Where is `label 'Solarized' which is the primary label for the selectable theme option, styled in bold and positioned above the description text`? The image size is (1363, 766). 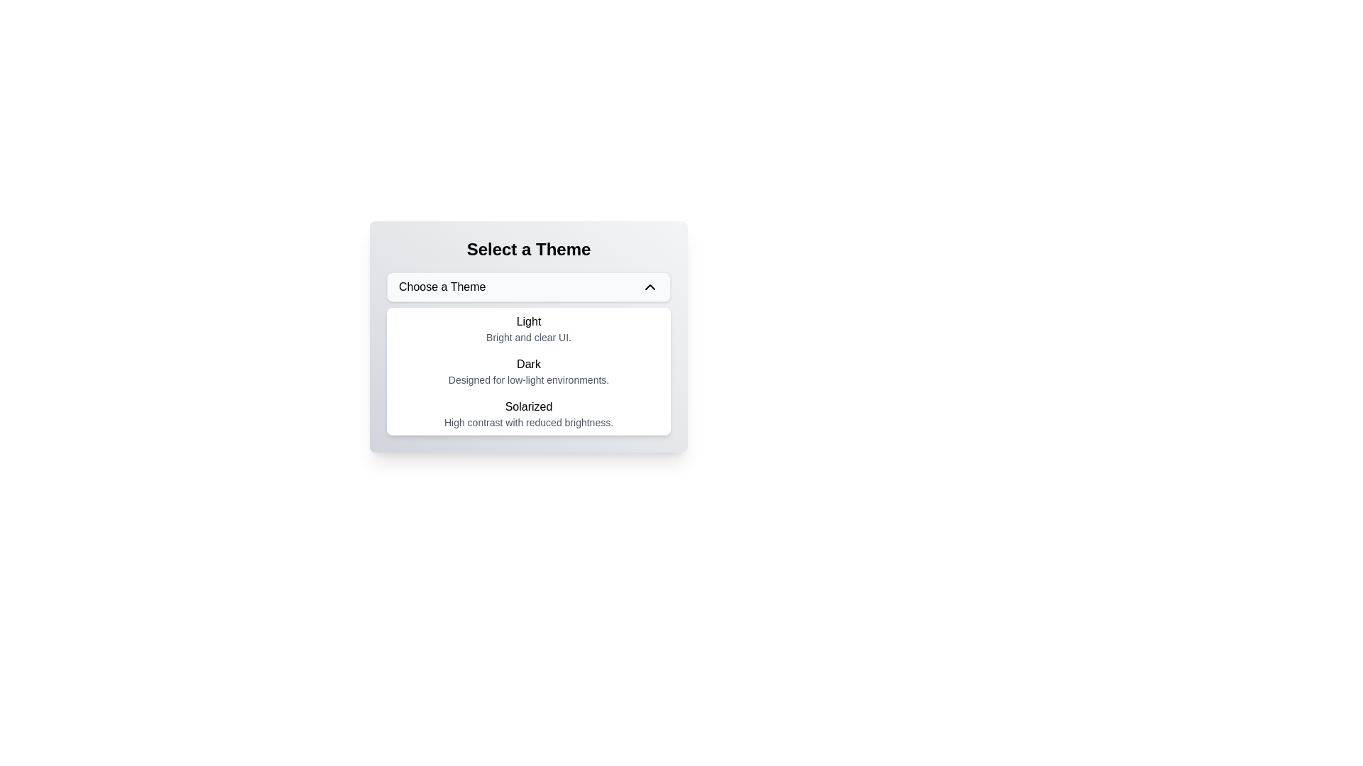 label 'Solarized' which is the primary label for the selectable theme option, styled in bold and positioned above the description text is located at coordinates (527, 407).